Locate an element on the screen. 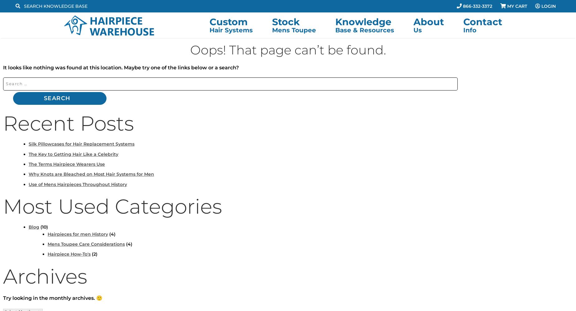  'Oops! That page can’t be found.' is located at coordinates (288, 50).